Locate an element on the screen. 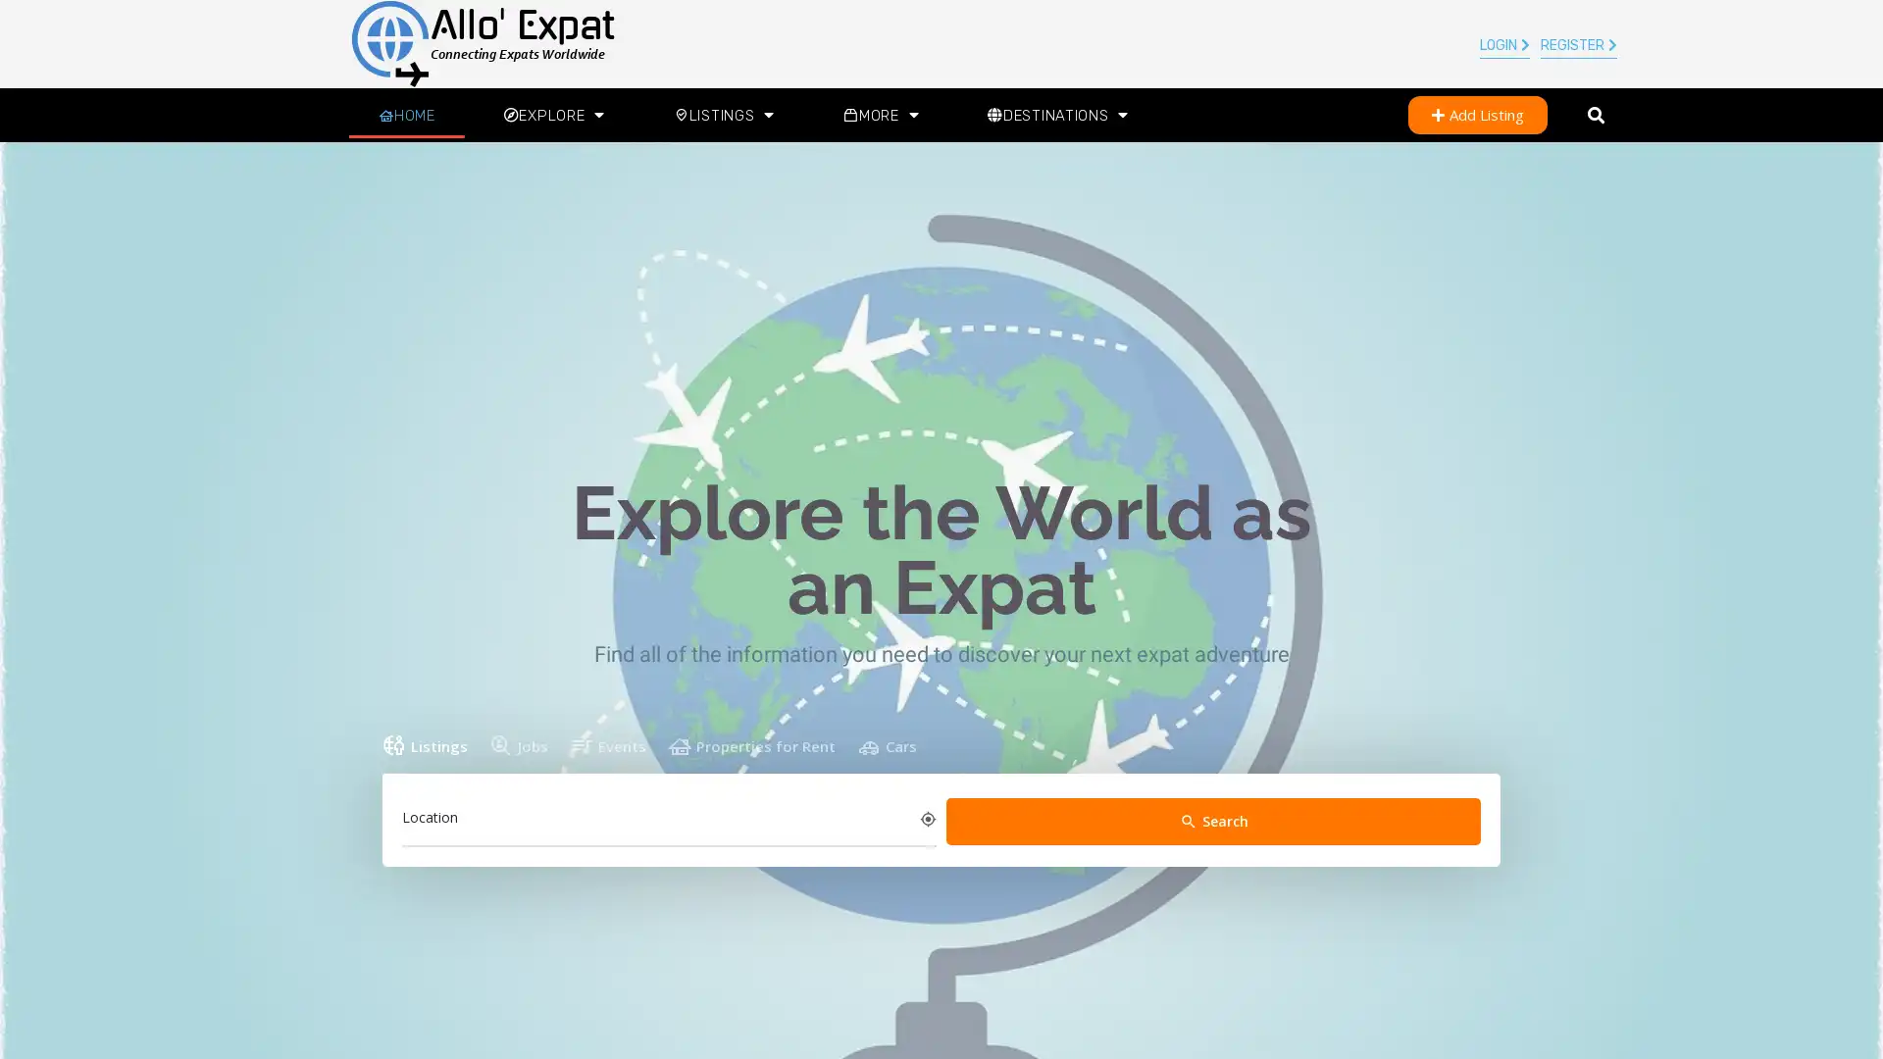 The image size is (1883, 1059). LOGIN is located at coordinates (1502, 45).